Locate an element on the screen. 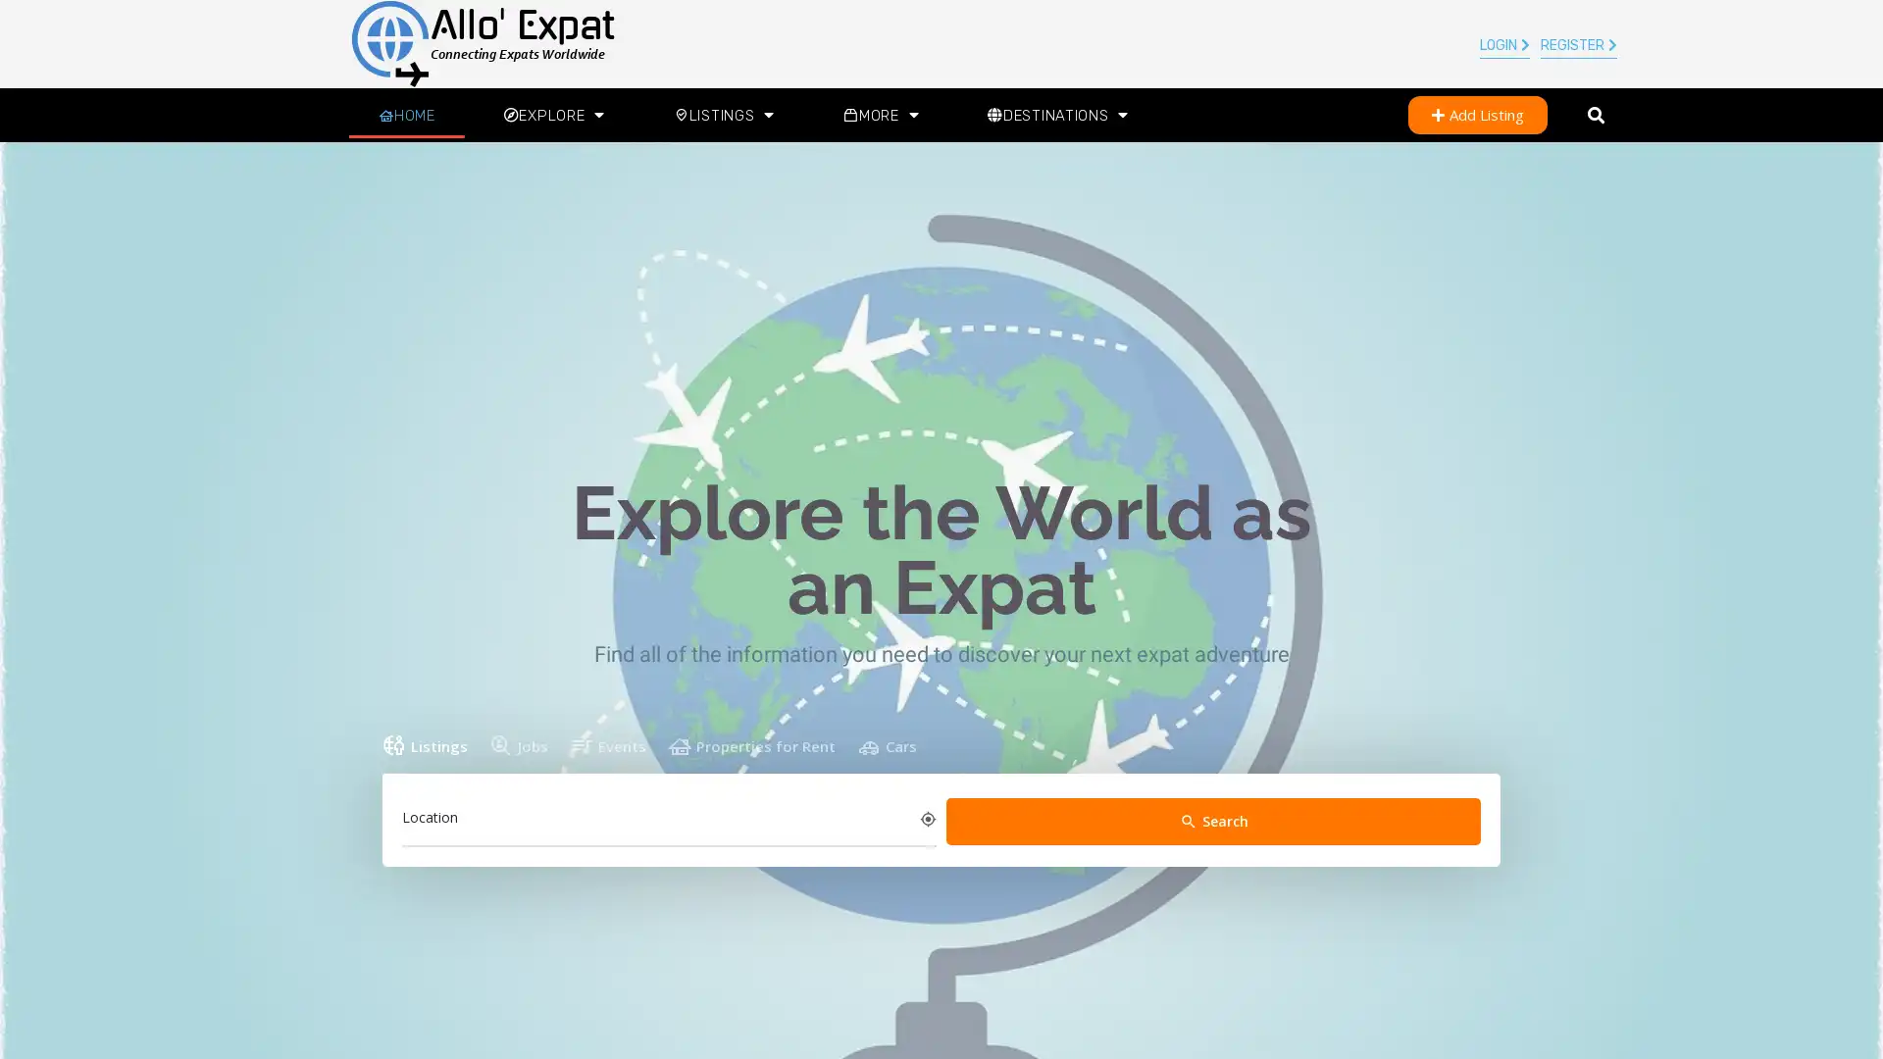 The image size is (1883, 1059). LOGIN is located at coordinates (1502, 45).